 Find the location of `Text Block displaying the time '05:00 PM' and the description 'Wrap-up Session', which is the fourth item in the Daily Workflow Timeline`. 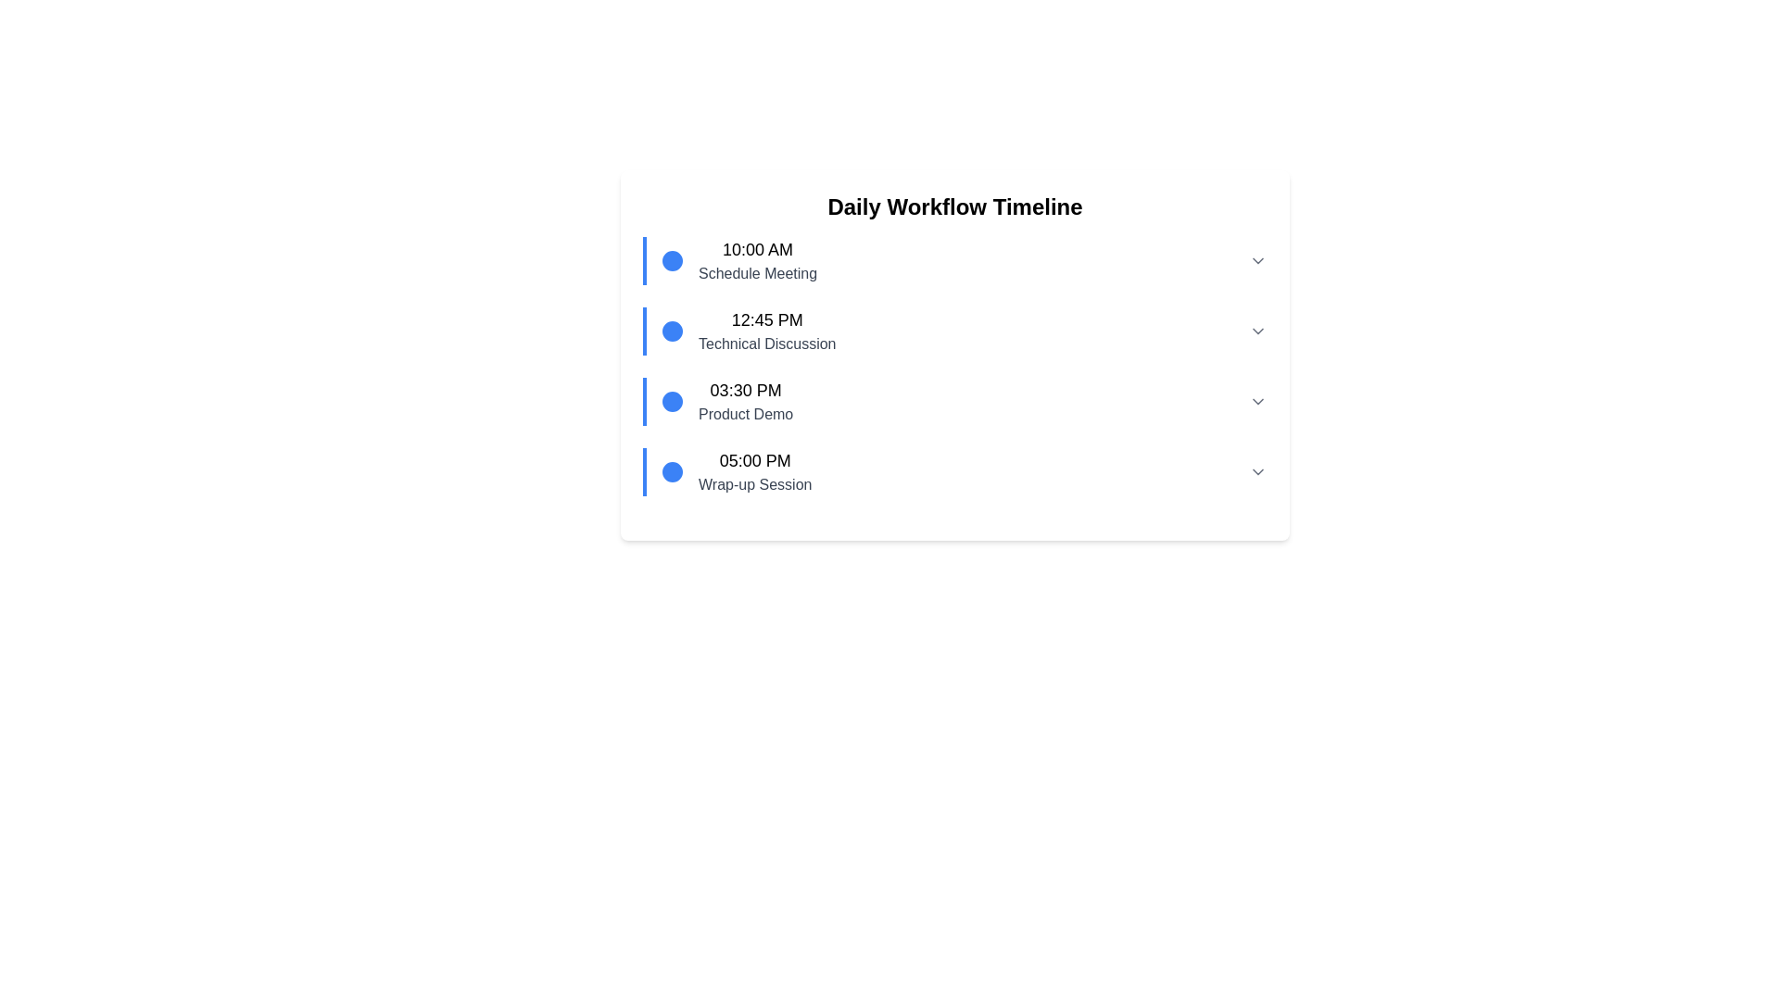

Text Block displaying the time '05:00 PM' and the description 'Wrap-up Session', which is the fourth item in the Daily Workflow Timeline is located at coordinates (755, 470).